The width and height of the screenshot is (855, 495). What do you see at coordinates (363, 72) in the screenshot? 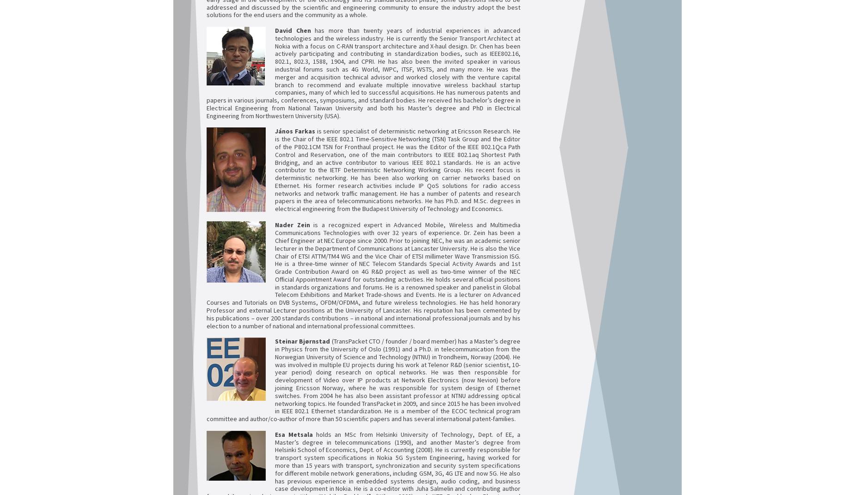
I see `'has more than twenty years of industrial experiences in advanced technologies and the wireless industry. He is currently the Senior Transport Architect at Nokia with a focus on C-RAN transport architecture and X-haul design. Dr. Chen has been actively participating and contributing in standardization bodies, such as IEEE802.16, 802.1, 802.3, 1588, 1904, and CPRI. He has also been the invited speaker in various industrial forums such as 4G World, IWPC, ITSF, WSTS, and many more. He was the merger and acquisition technical advisor and worked closely with the venture capital branch to recommend and evaluate multiple innovative wireless backhaul startup companies, many of which led to successful acquisitions. He has numerous patents and papers in various journals, conferences, symposiums, and standard bodies. He received his bachelor’s degree in Electrical Engineering from National Taiwan University and both his Master’s degree and PhD in Electrical Engineering from Northwestern University (USA).'` at bounding box center [363, 72].